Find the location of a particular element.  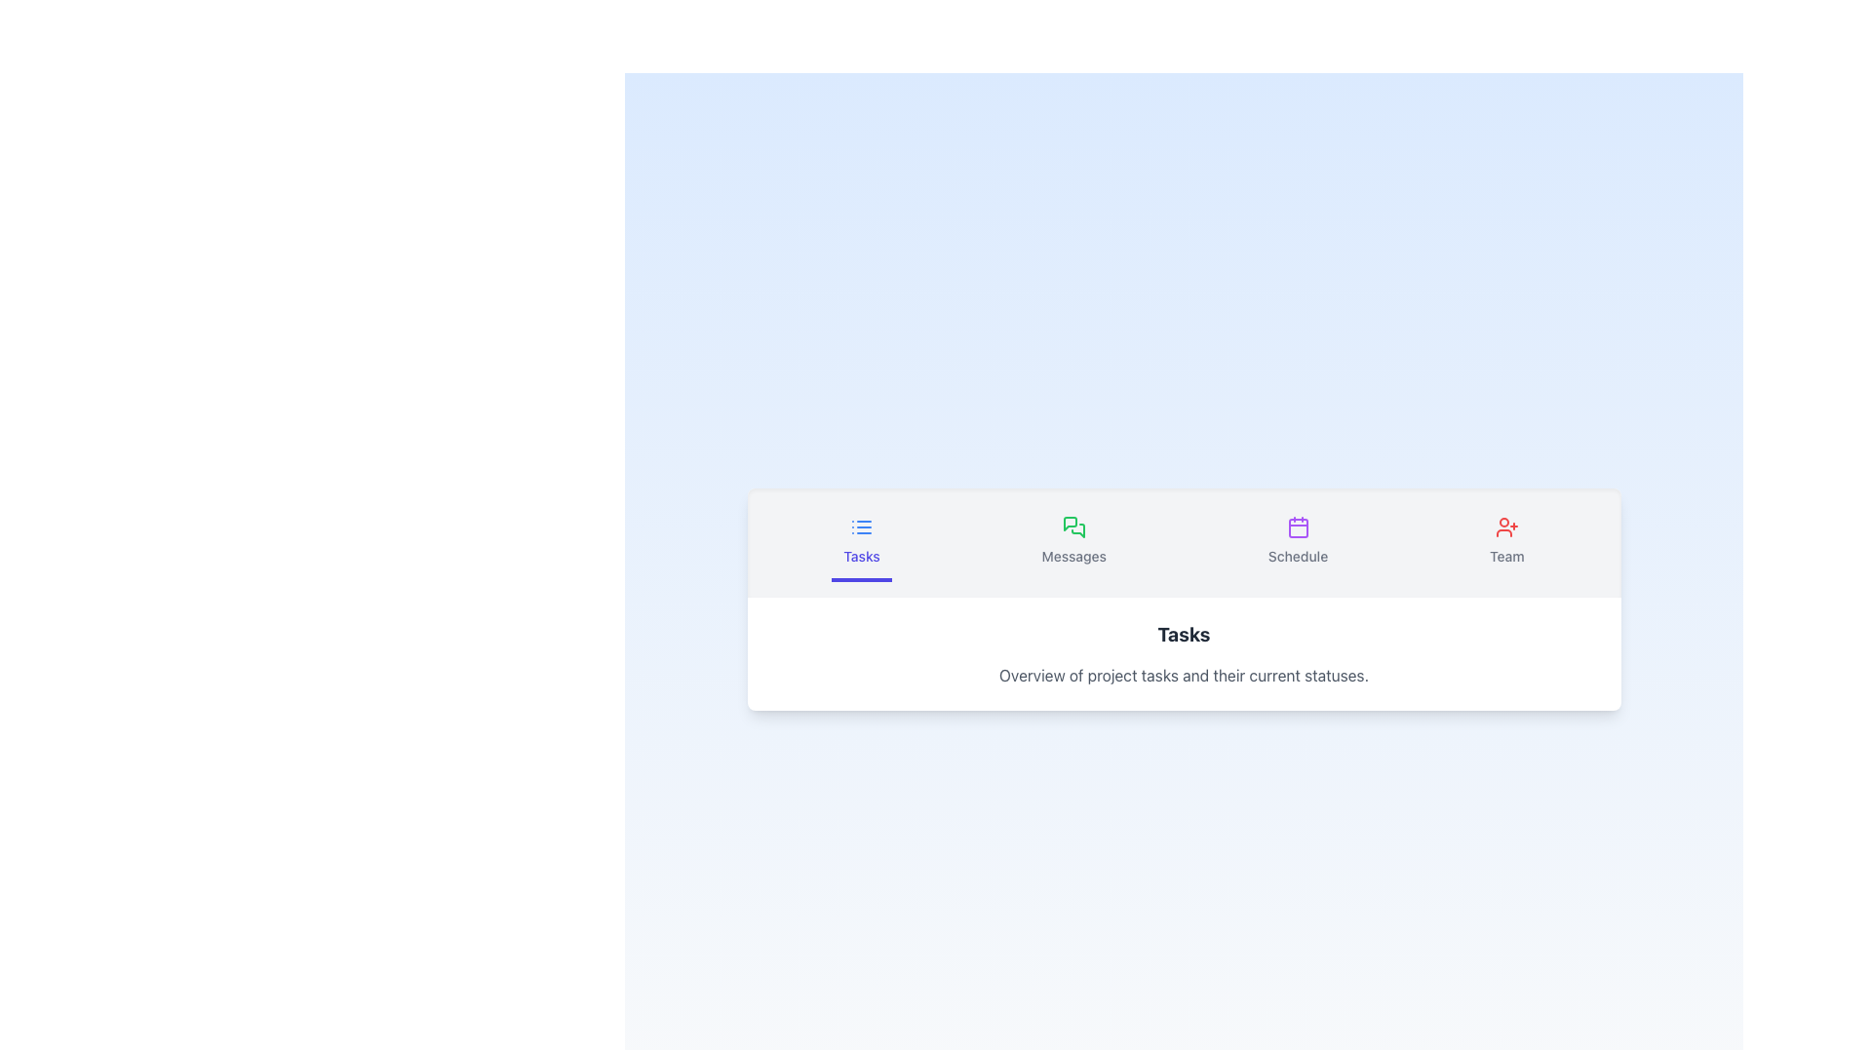

the paragraph text element that displays 'Overview of project tasks and their current statuses.' located beneath the 'Tasks' header is located at coordinates (1183, 675).